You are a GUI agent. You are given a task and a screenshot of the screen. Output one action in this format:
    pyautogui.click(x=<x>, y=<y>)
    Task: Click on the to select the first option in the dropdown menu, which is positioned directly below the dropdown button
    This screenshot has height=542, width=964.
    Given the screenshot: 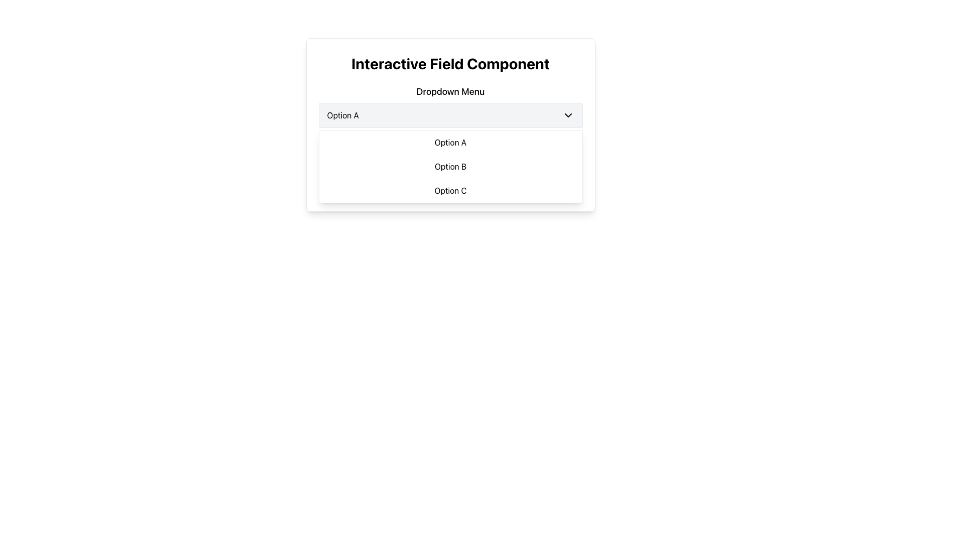 What is the action you would take?
    pyautogui.click(x=450, y=146)
    